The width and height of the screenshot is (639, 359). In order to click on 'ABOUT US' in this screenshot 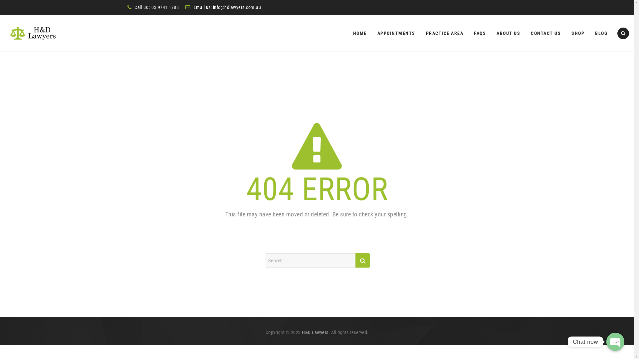, I will do `click(497, 33)`.